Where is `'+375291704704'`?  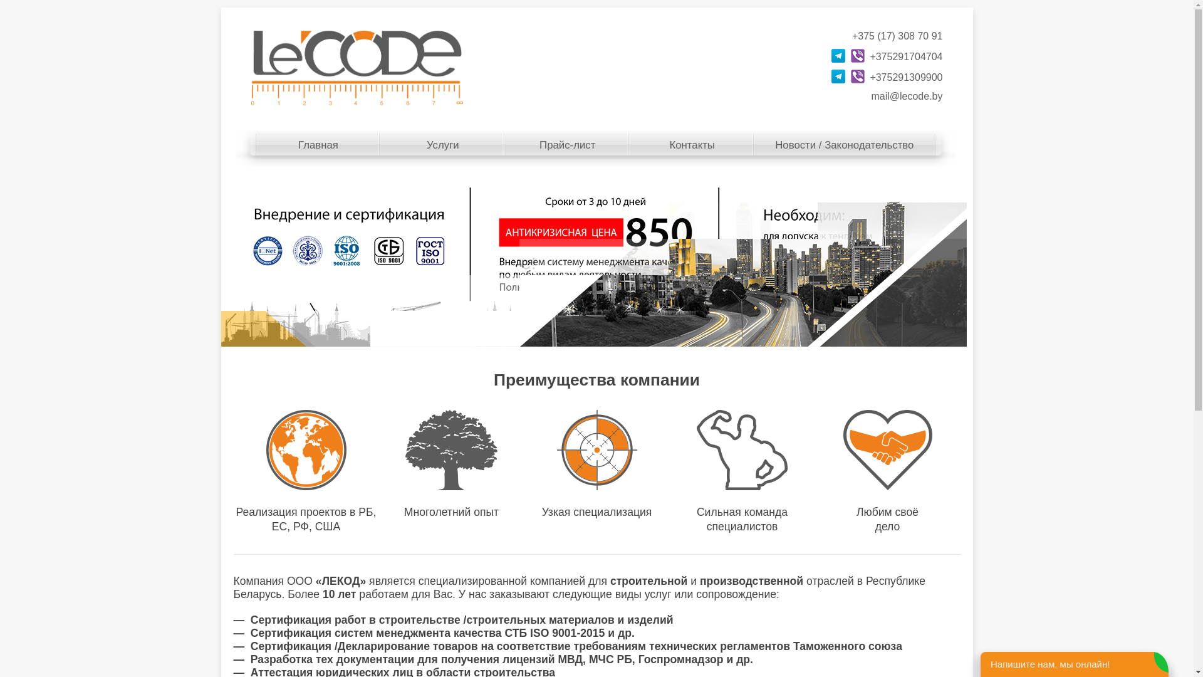 '+375291704704' is located at coordinates (905, 56).